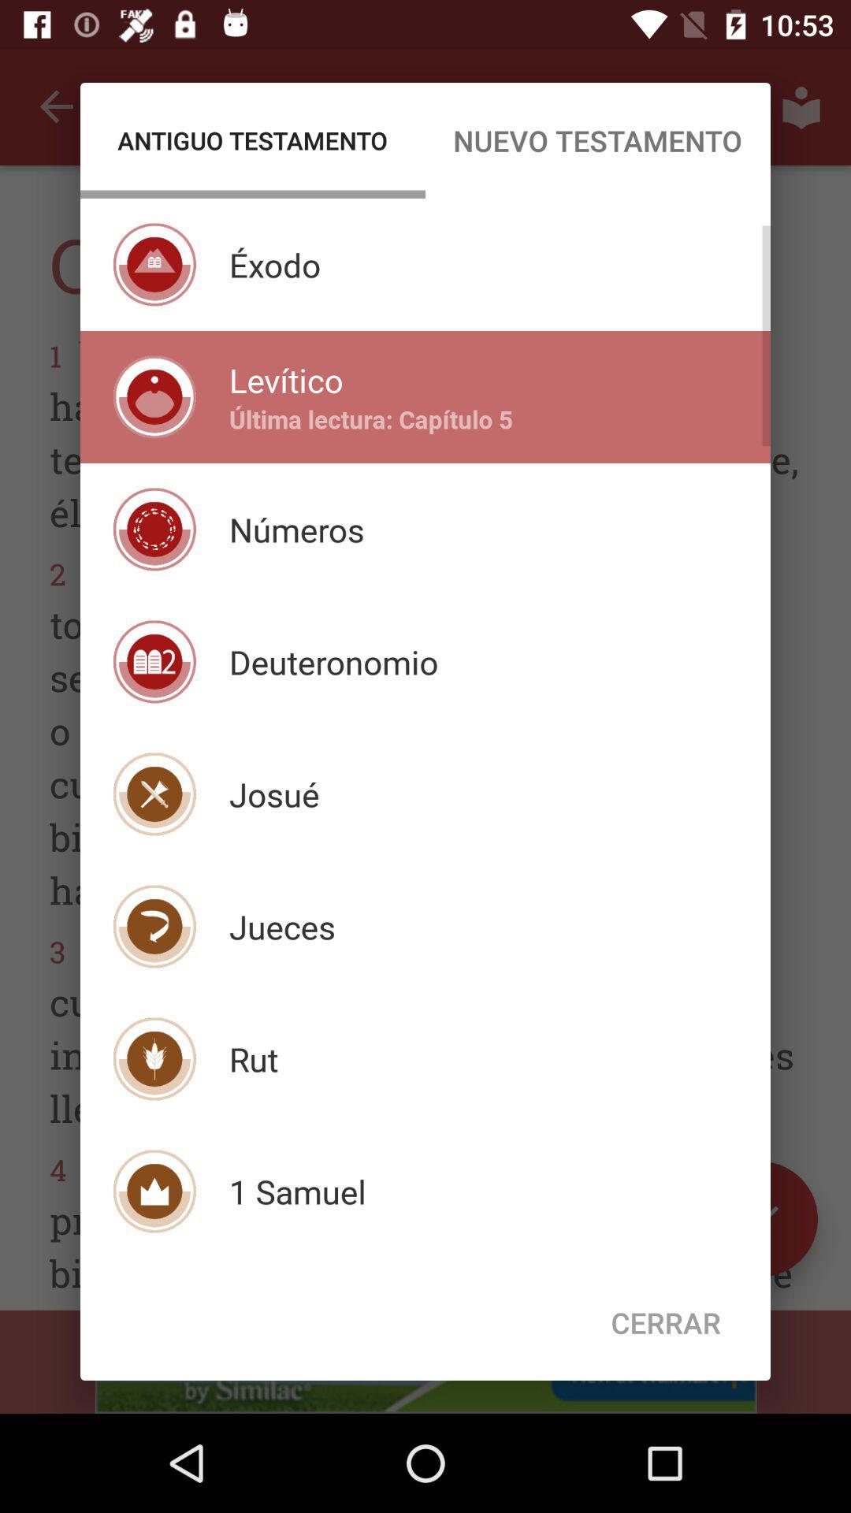  What do you see at coordinates (253, 1059) in the screenshot?
I see `rut item` at bounding box center [253, 1059].